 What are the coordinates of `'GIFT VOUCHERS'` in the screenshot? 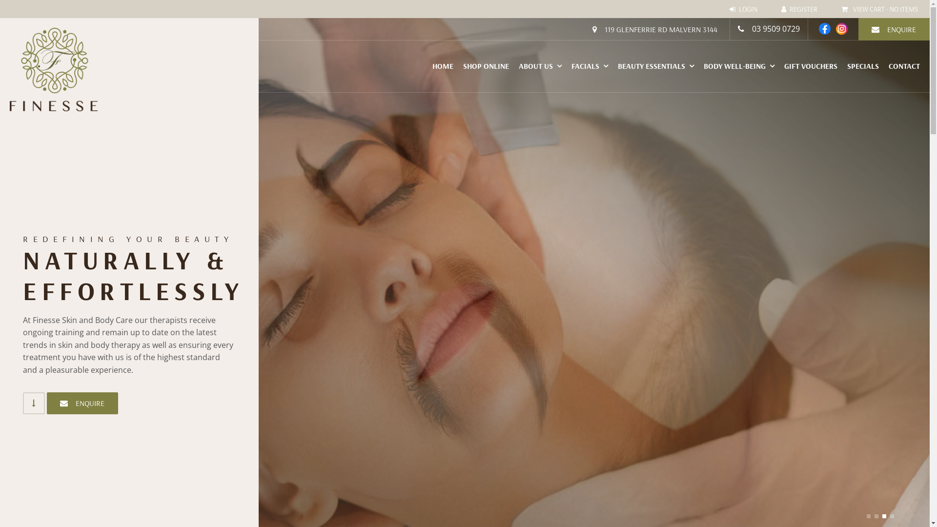 It's located at (779, 66).